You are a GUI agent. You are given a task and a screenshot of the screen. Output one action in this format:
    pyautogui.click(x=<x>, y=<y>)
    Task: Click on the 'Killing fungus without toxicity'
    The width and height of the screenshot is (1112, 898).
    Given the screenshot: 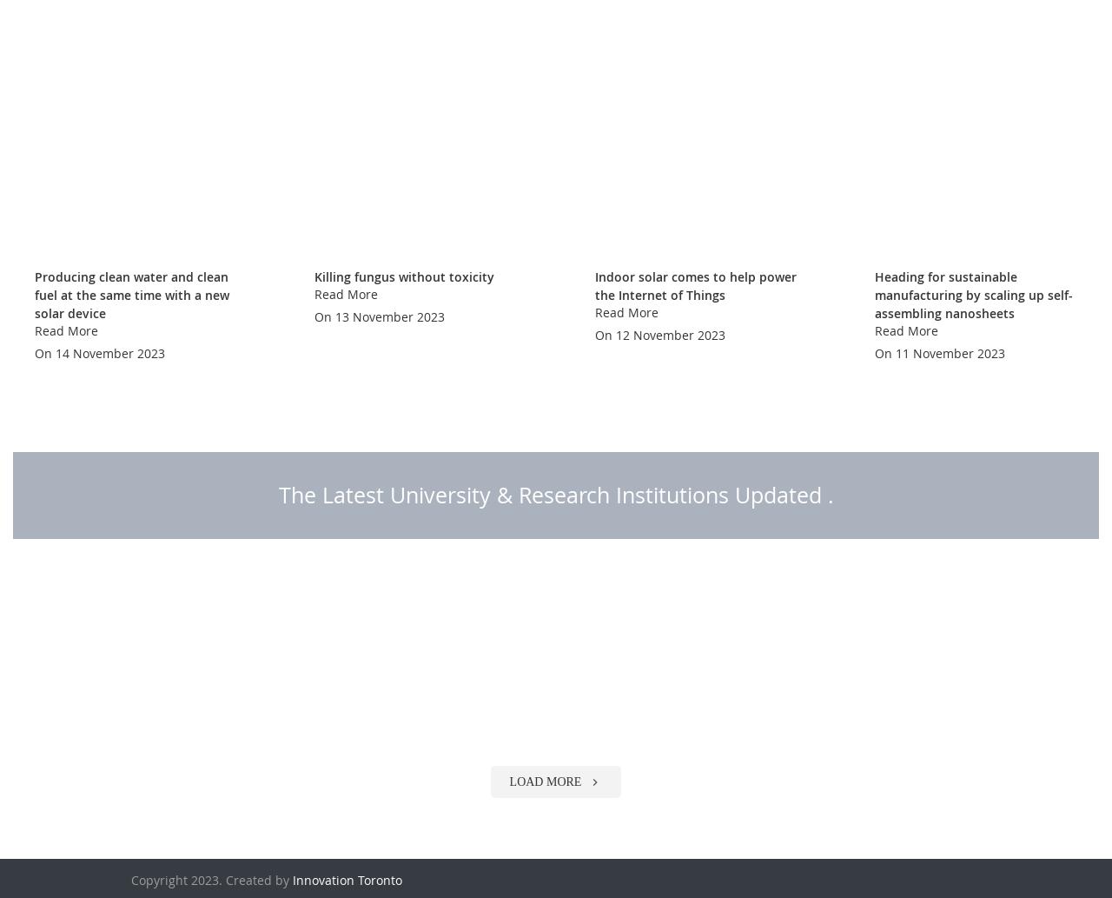 What is the action you would take?
    pyautogui.click(x=403, y=322)
    